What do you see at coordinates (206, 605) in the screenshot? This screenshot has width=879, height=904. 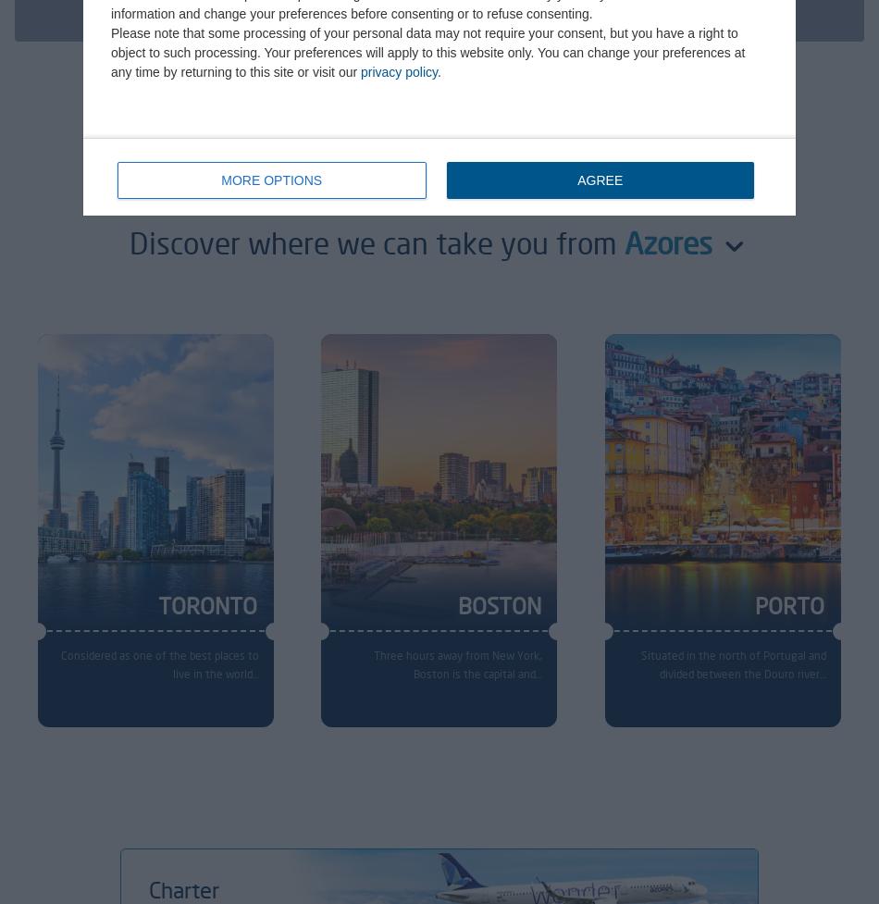 I see `'TORONTO'` at bounding box center [206, 605].